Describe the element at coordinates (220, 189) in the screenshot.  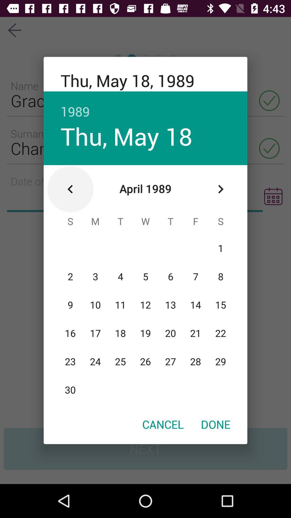
I see `the item above the done` at that location.